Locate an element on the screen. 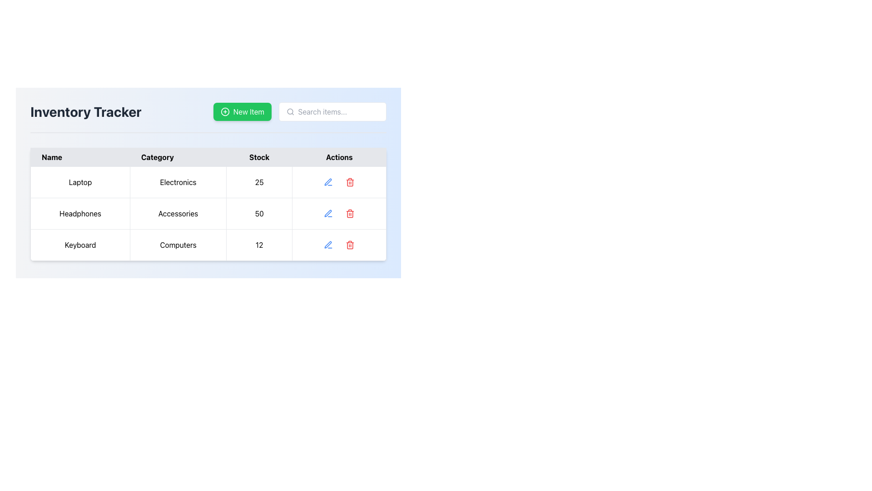 This screenshot has width=872, height=491. the text input field with a white background and placeholder text 'Search items...' to focus on it is located at coordinates (300, 111).